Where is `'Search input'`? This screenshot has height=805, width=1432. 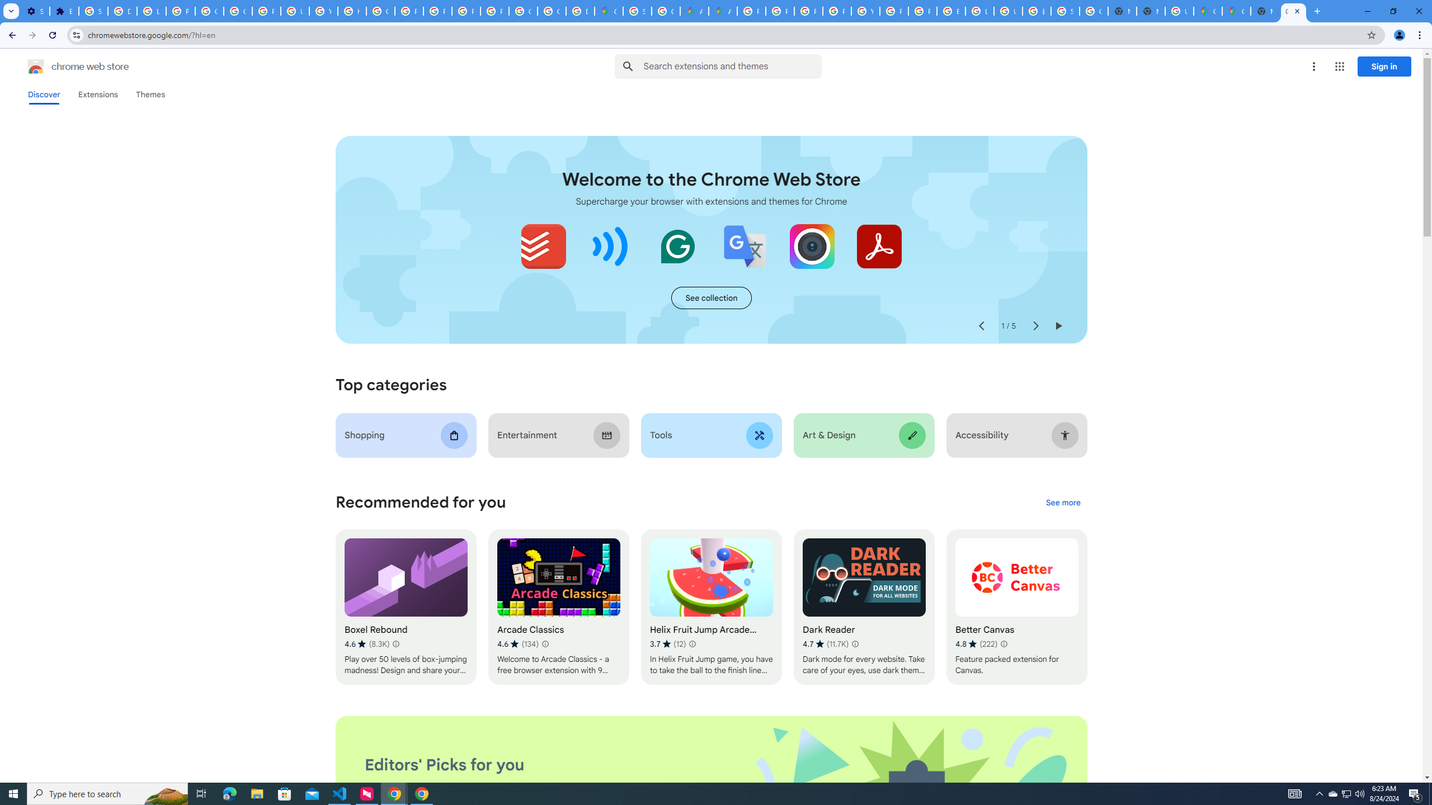
'Search input' is located at coordinates (732, 66).